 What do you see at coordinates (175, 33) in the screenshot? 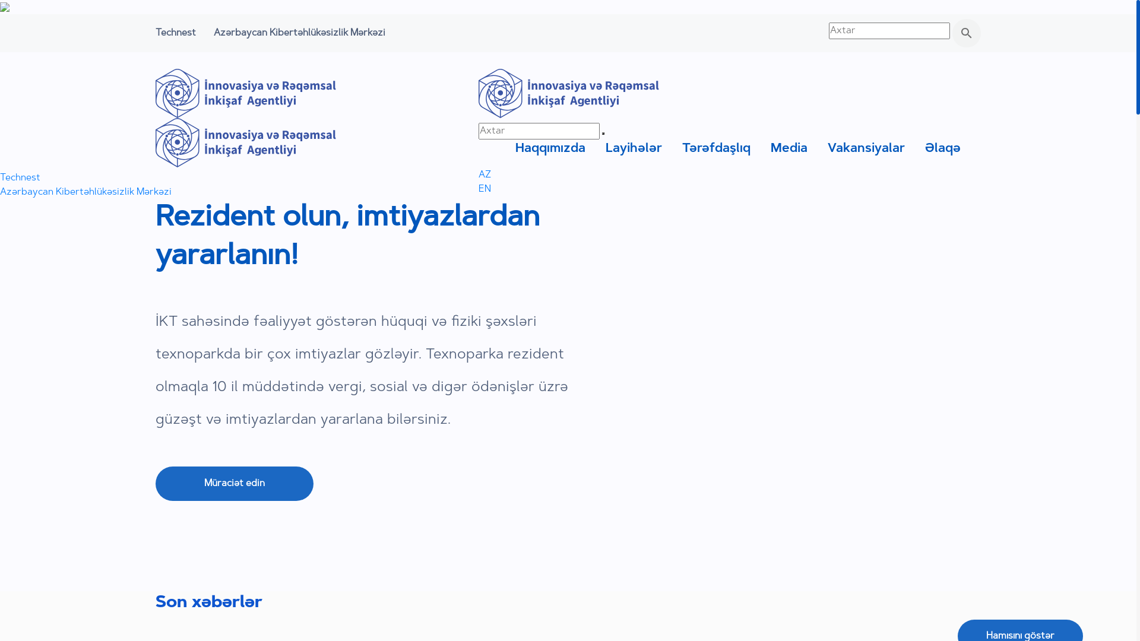
I see `'Technest'` at bounding box center [175, 33].